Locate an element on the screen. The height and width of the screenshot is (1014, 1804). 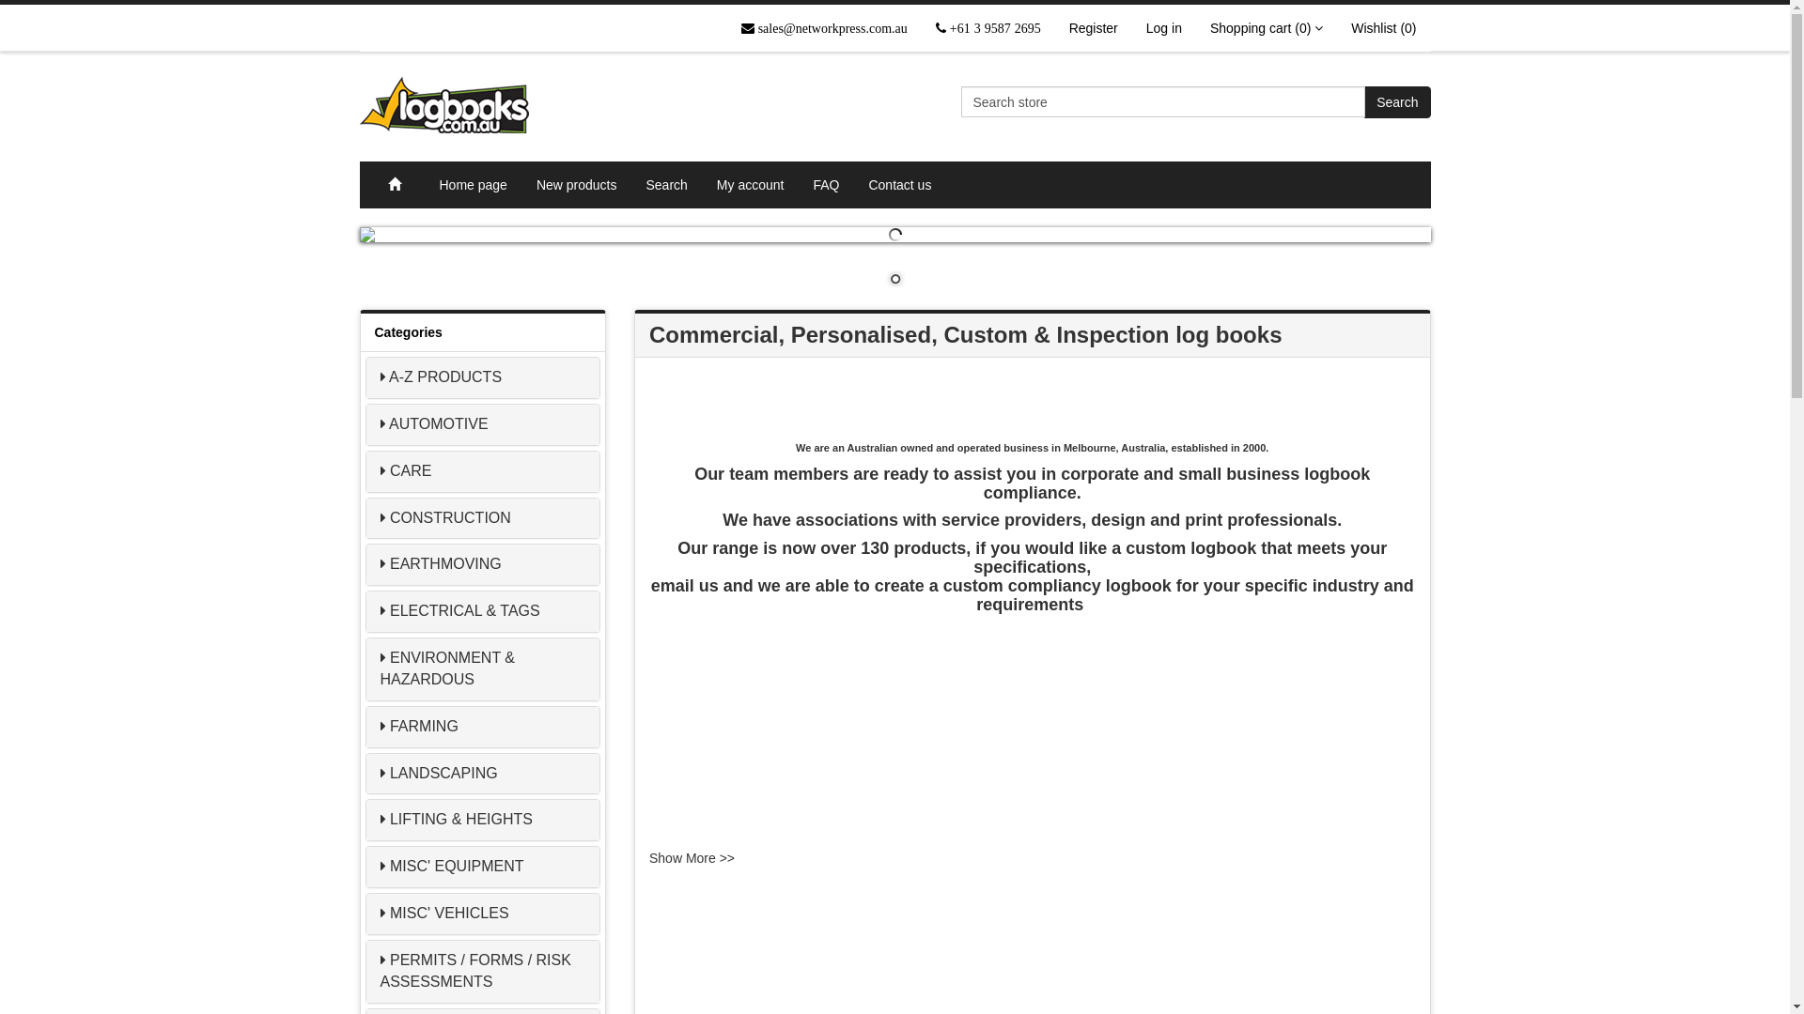
'ELECTRICAL & TAGS' is located at coordinates (464, 610).